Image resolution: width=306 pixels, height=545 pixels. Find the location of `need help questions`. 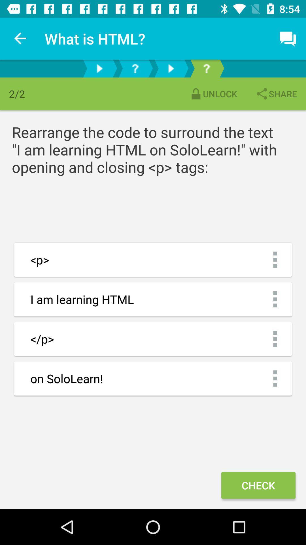

need help questions is located at coordinates (207, 68).